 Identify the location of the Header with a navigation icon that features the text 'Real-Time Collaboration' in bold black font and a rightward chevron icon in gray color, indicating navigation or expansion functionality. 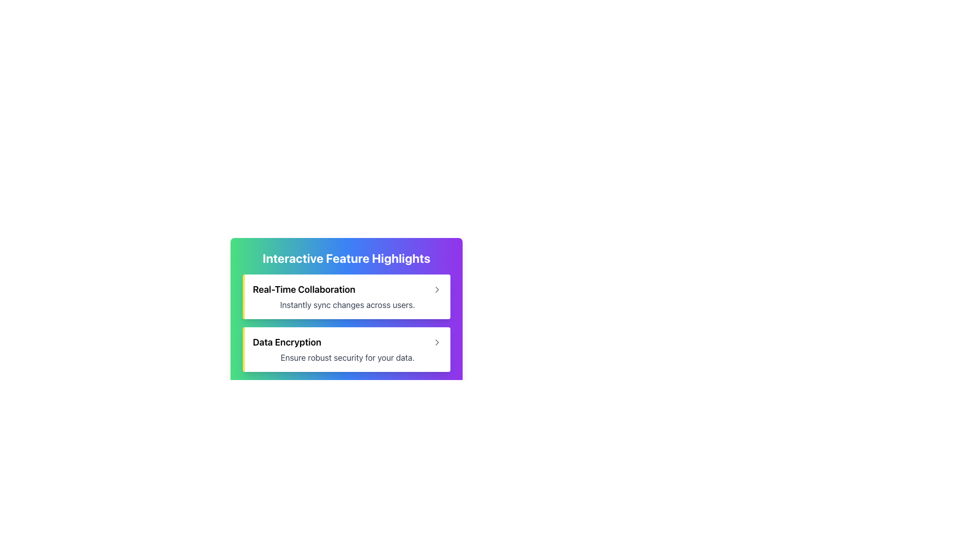
(347, 289).